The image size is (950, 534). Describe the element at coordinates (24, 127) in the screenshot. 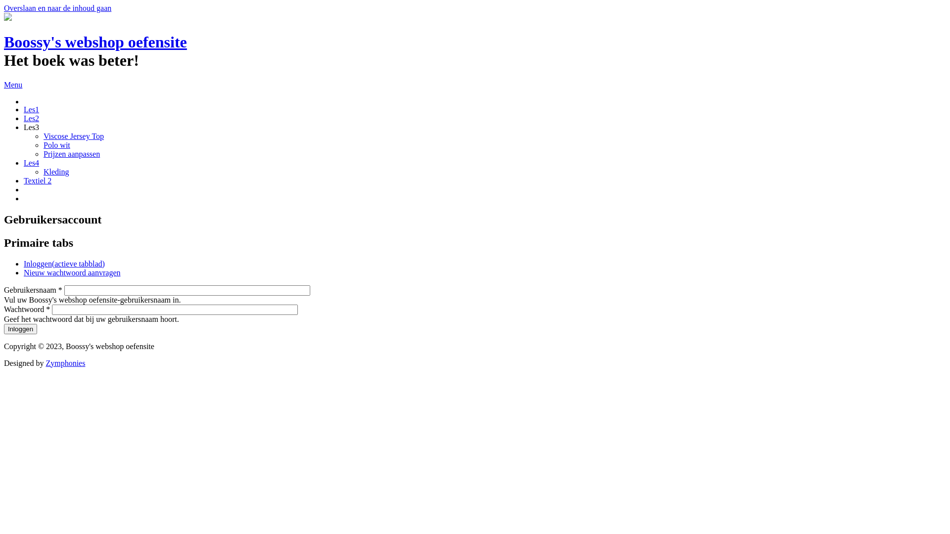

I see `'Les3'` at that location.